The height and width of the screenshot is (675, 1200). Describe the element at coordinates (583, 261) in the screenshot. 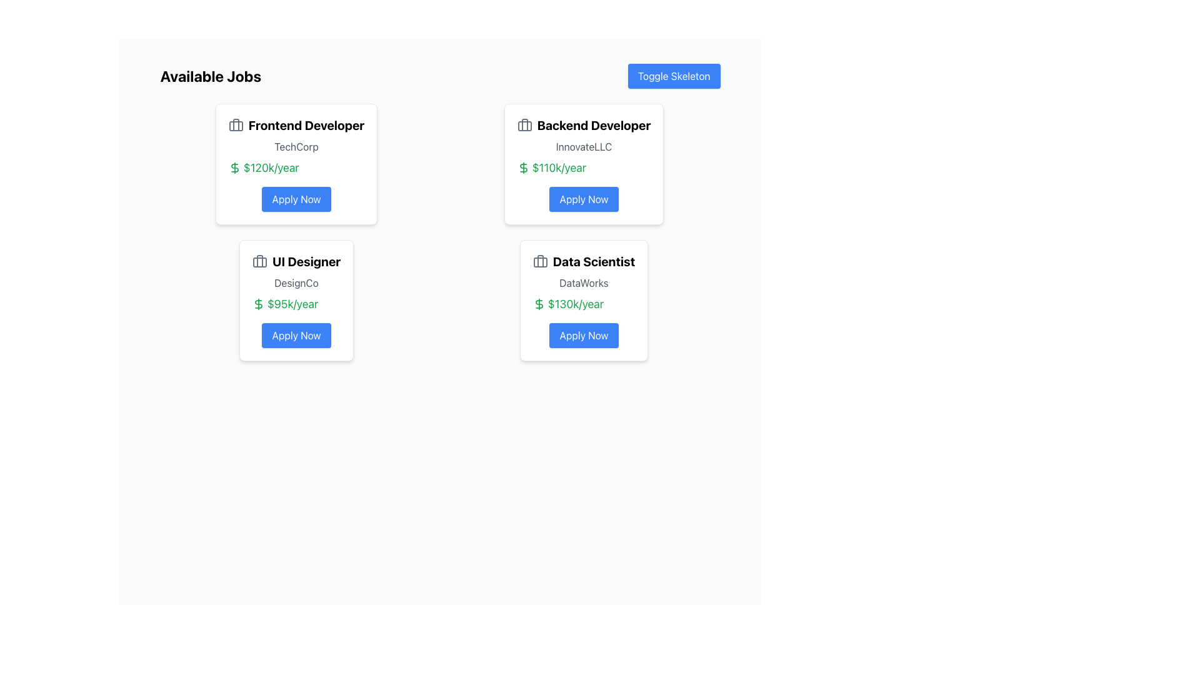

I see `the 'Data Scientist' title and briefcase icon combination located at the top of the job card in the bottom-right section of the grid layout` at that location.